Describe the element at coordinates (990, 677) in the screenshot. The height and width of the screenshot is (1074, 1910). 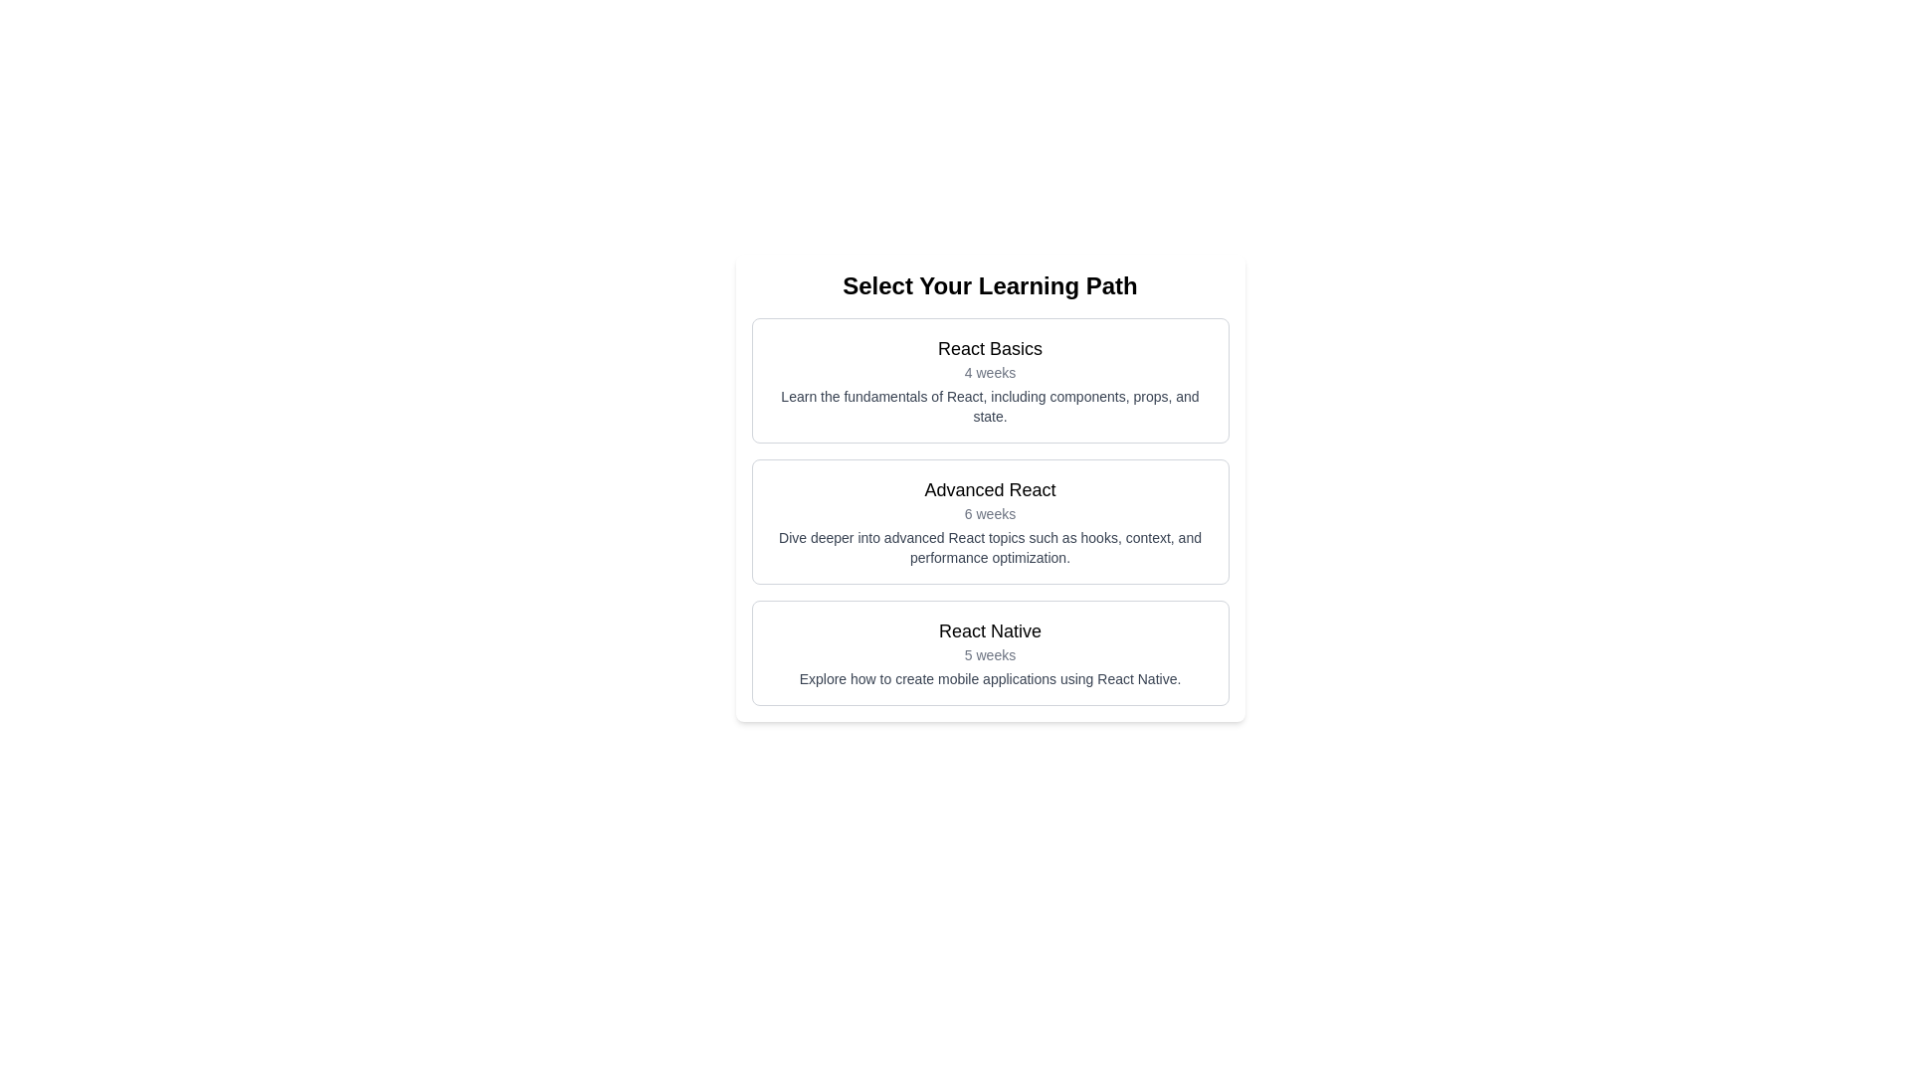
I see `the descriptive text element located underneath the '5 weeks' text within the 'React Native' group, which provides additional information about the course` at that location.